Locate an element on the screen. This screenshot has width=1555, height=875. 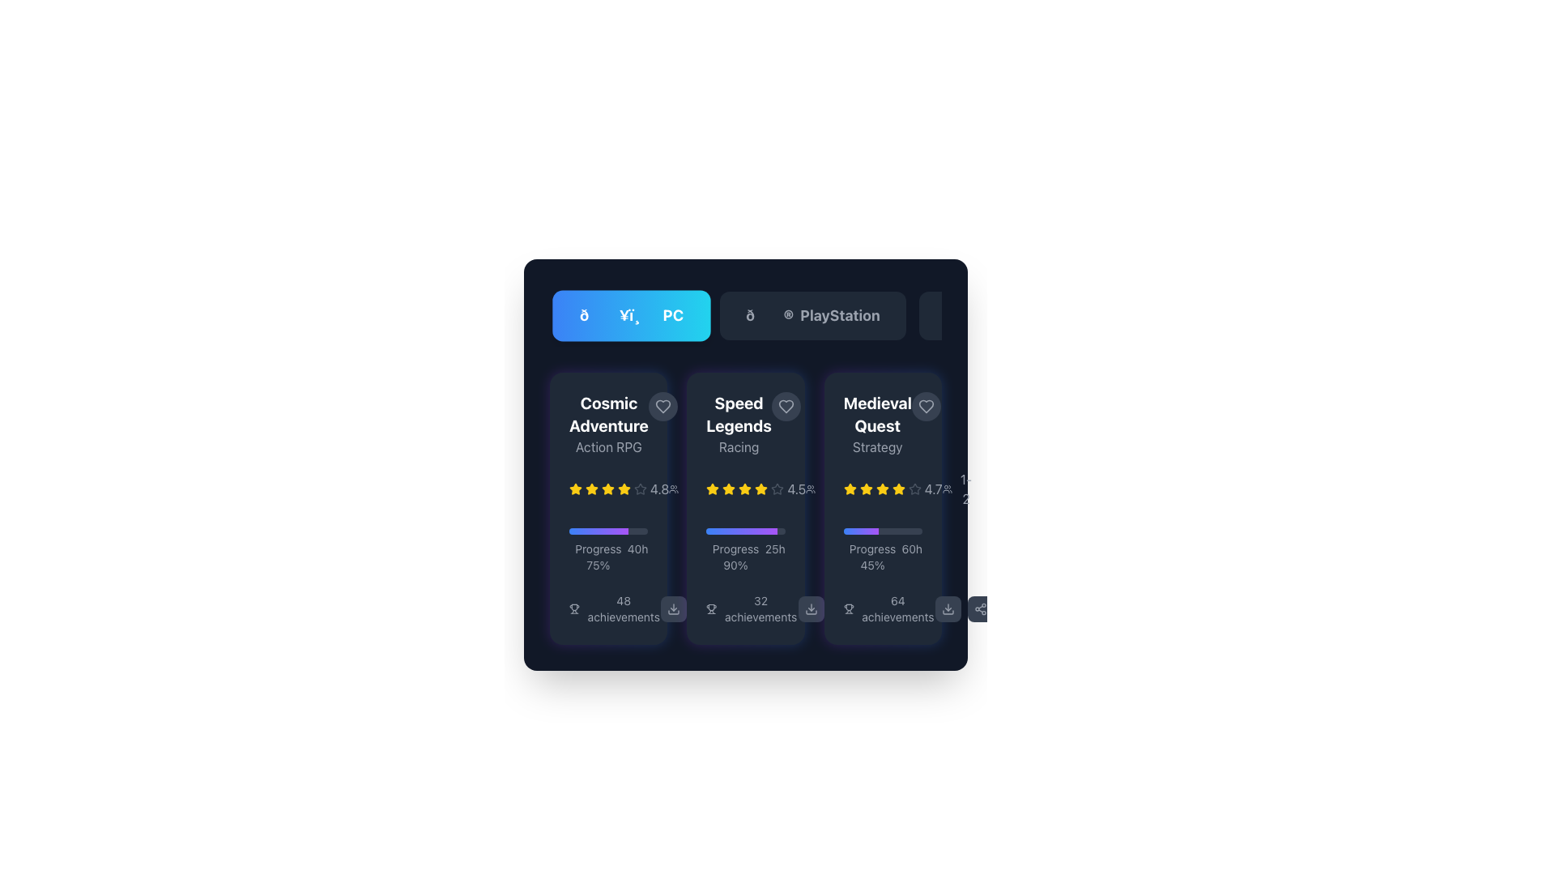
the bold yellow star-shaped rating icon, which is the first in a sequence of five stars located below the 'Medieval Quest' section in the third card of the display is located at coordinates (849, 489).